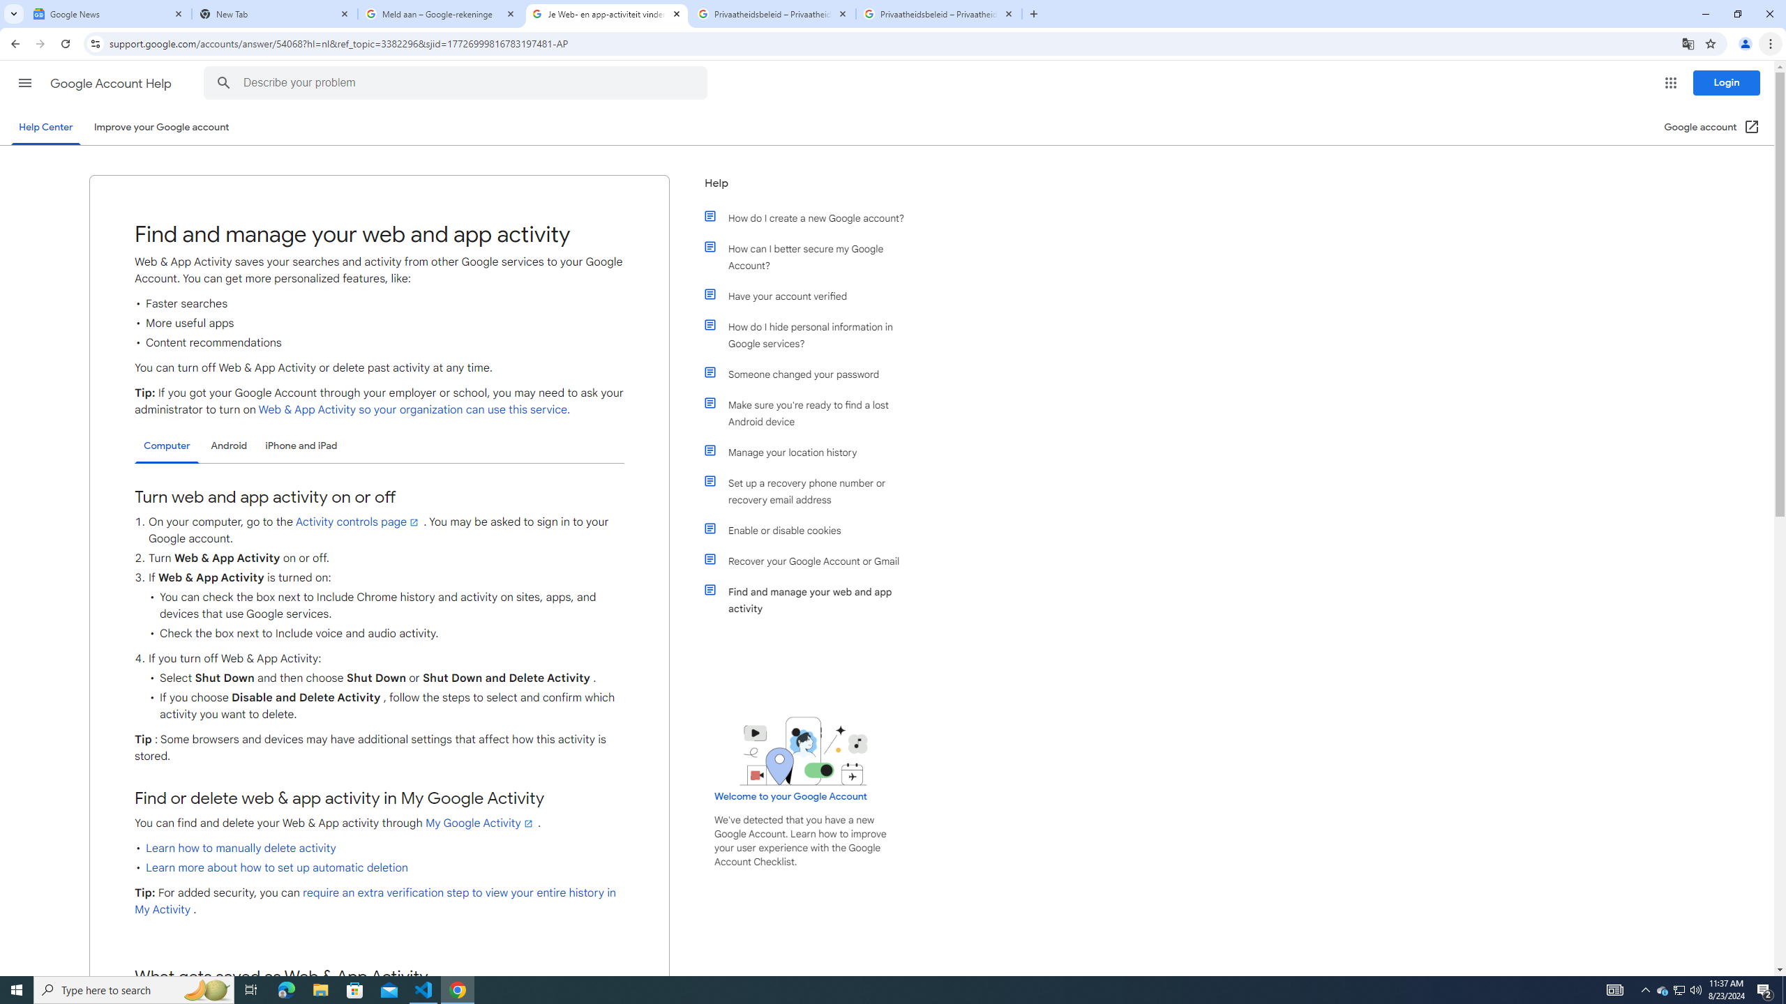  I want to click on 'Find and manage your web and app activity', so click(811, 600).